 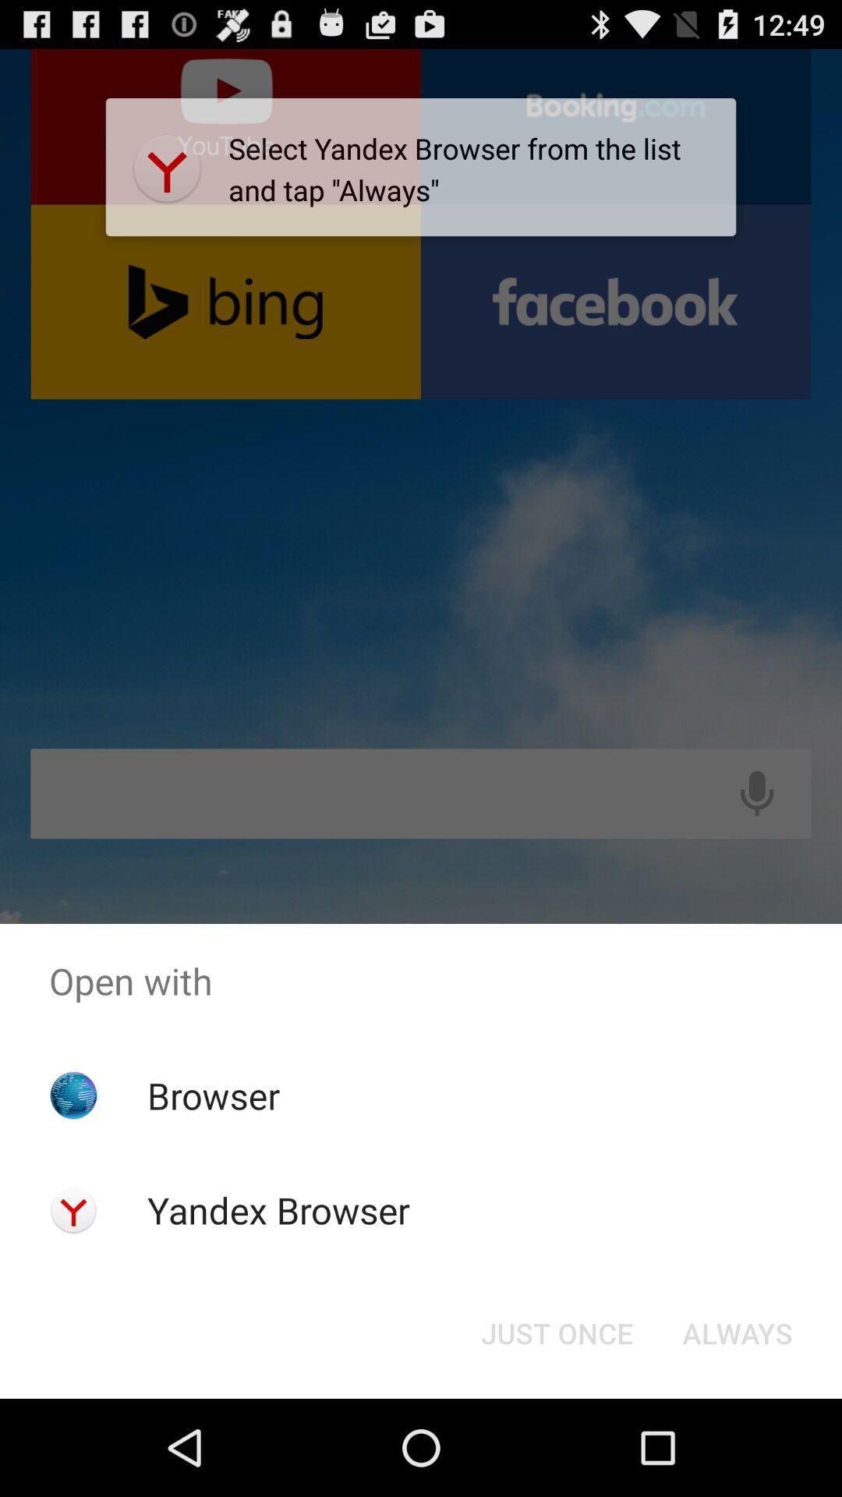 What do you see at coordinates (278, 1209) in the screenshot?
I see `app below browser icon` at bounding box center [278, 1209].